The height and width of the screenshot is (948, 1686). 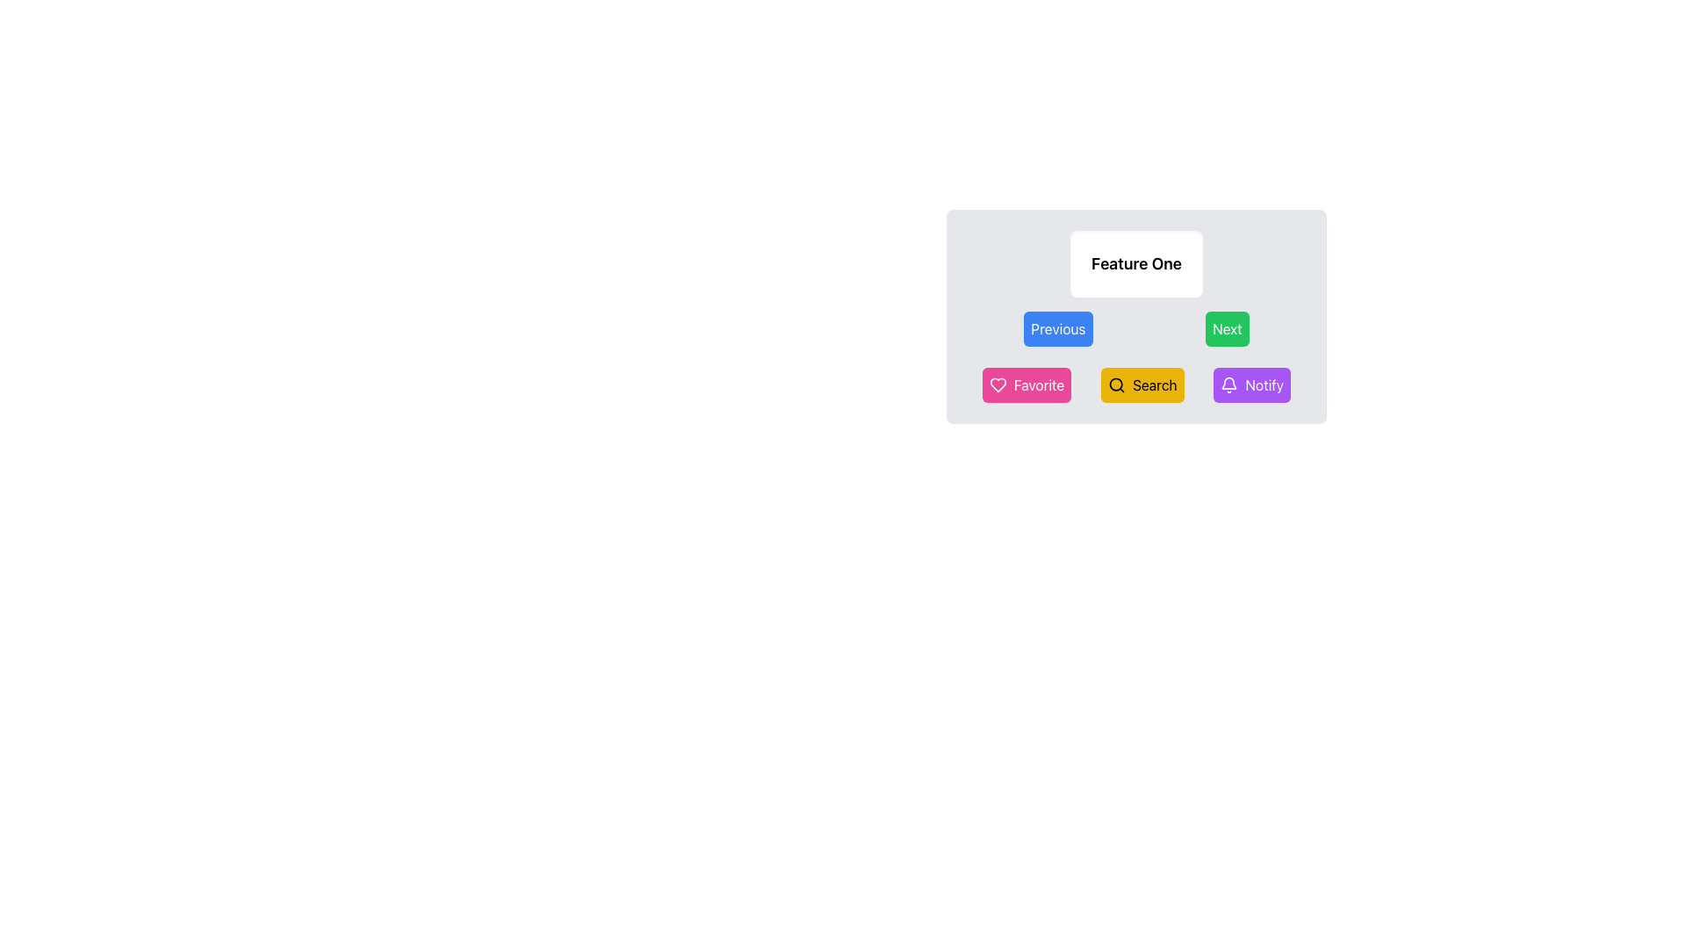 I want to click on the 'Previous' button, which is a rectangular button with a blue background and white text, located to the left of the 'Next' button, so click(x=1057, y=328).